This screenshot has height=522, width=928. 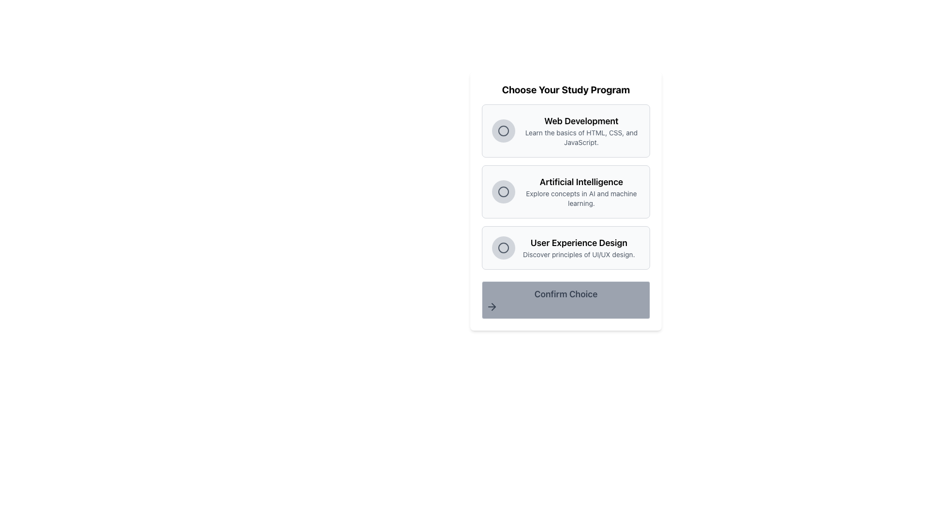 What do you see at coordinates (566, 130) in the screenshot?
I see `the first selectable card for 'Web Development' in the list of study programs` at bounding box center [566, 130].